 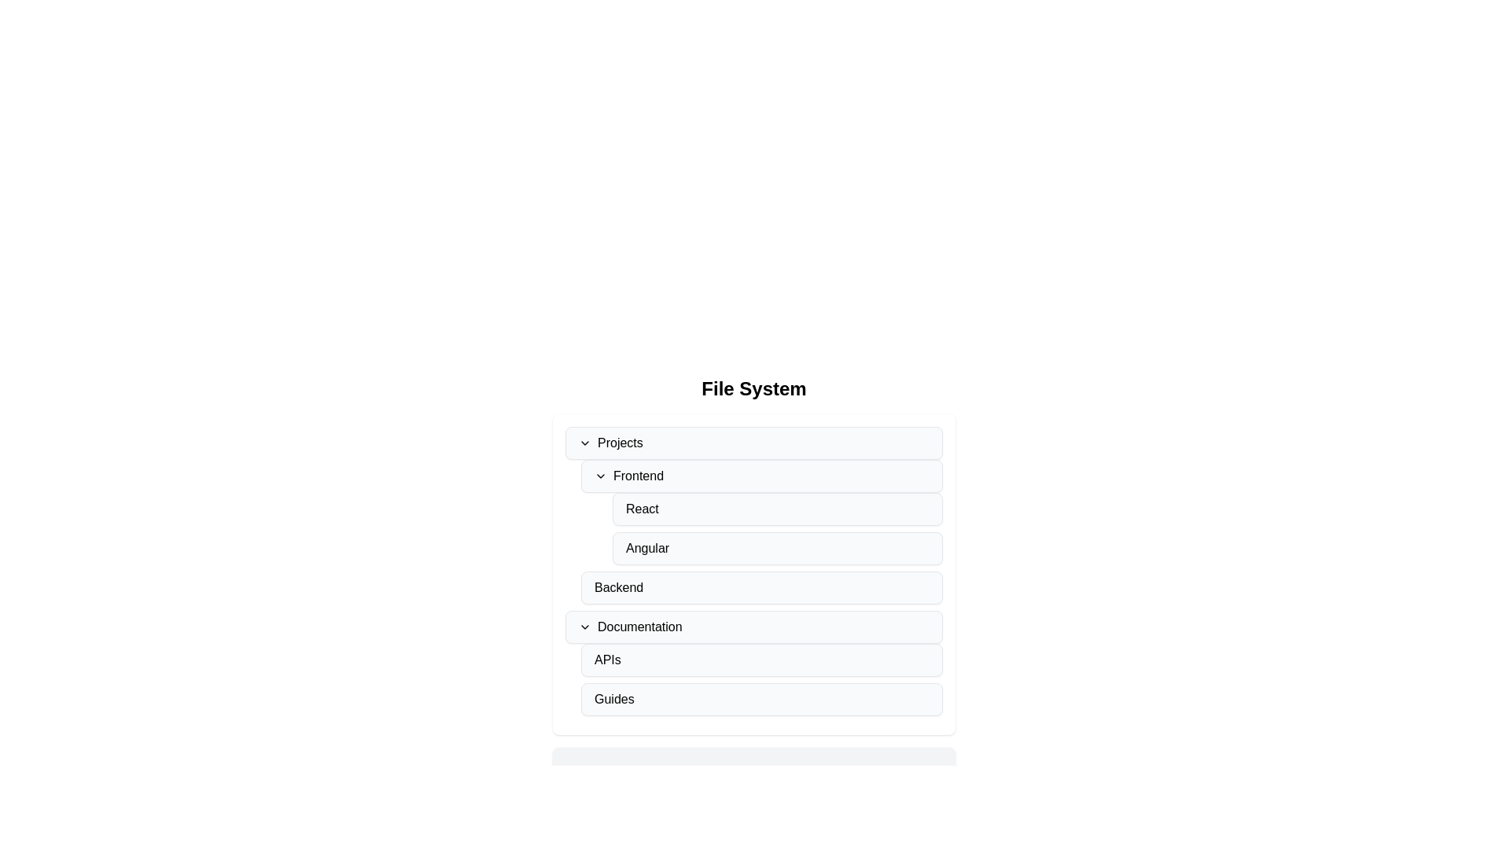 What do you see at coordinates (619, 443) in the screenshot?
I see `the static text label 'Projects', which serves as the title for a collapsible section in the hierarchical menu, positioned below 'File System'` at bounding box center [619, 443].